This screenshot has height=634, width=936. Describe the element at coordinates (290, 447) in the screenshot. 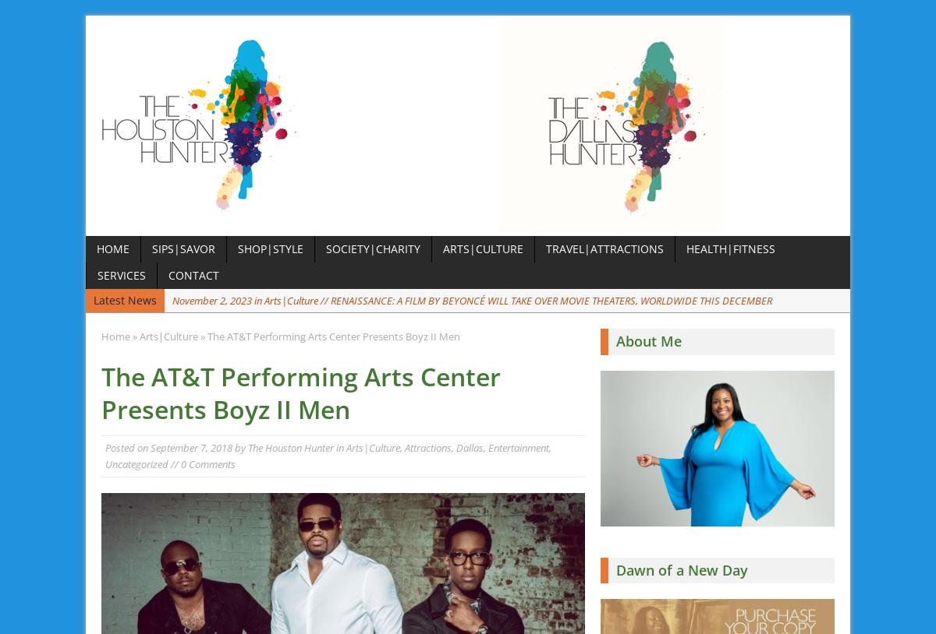

I see `'The Houston Hunter'` at that location.